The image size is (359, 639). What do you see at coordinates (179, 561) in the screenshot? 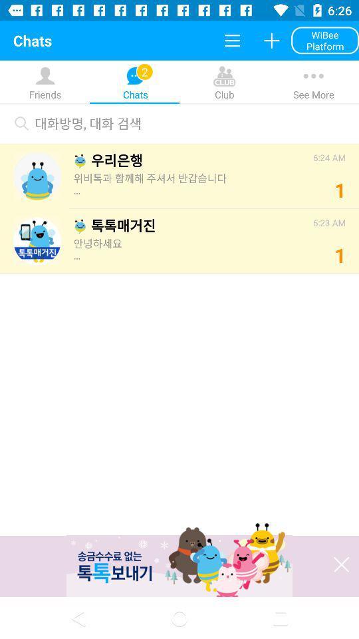
I see `image which is at the bottom of the page` at bounding box center [179, 561].